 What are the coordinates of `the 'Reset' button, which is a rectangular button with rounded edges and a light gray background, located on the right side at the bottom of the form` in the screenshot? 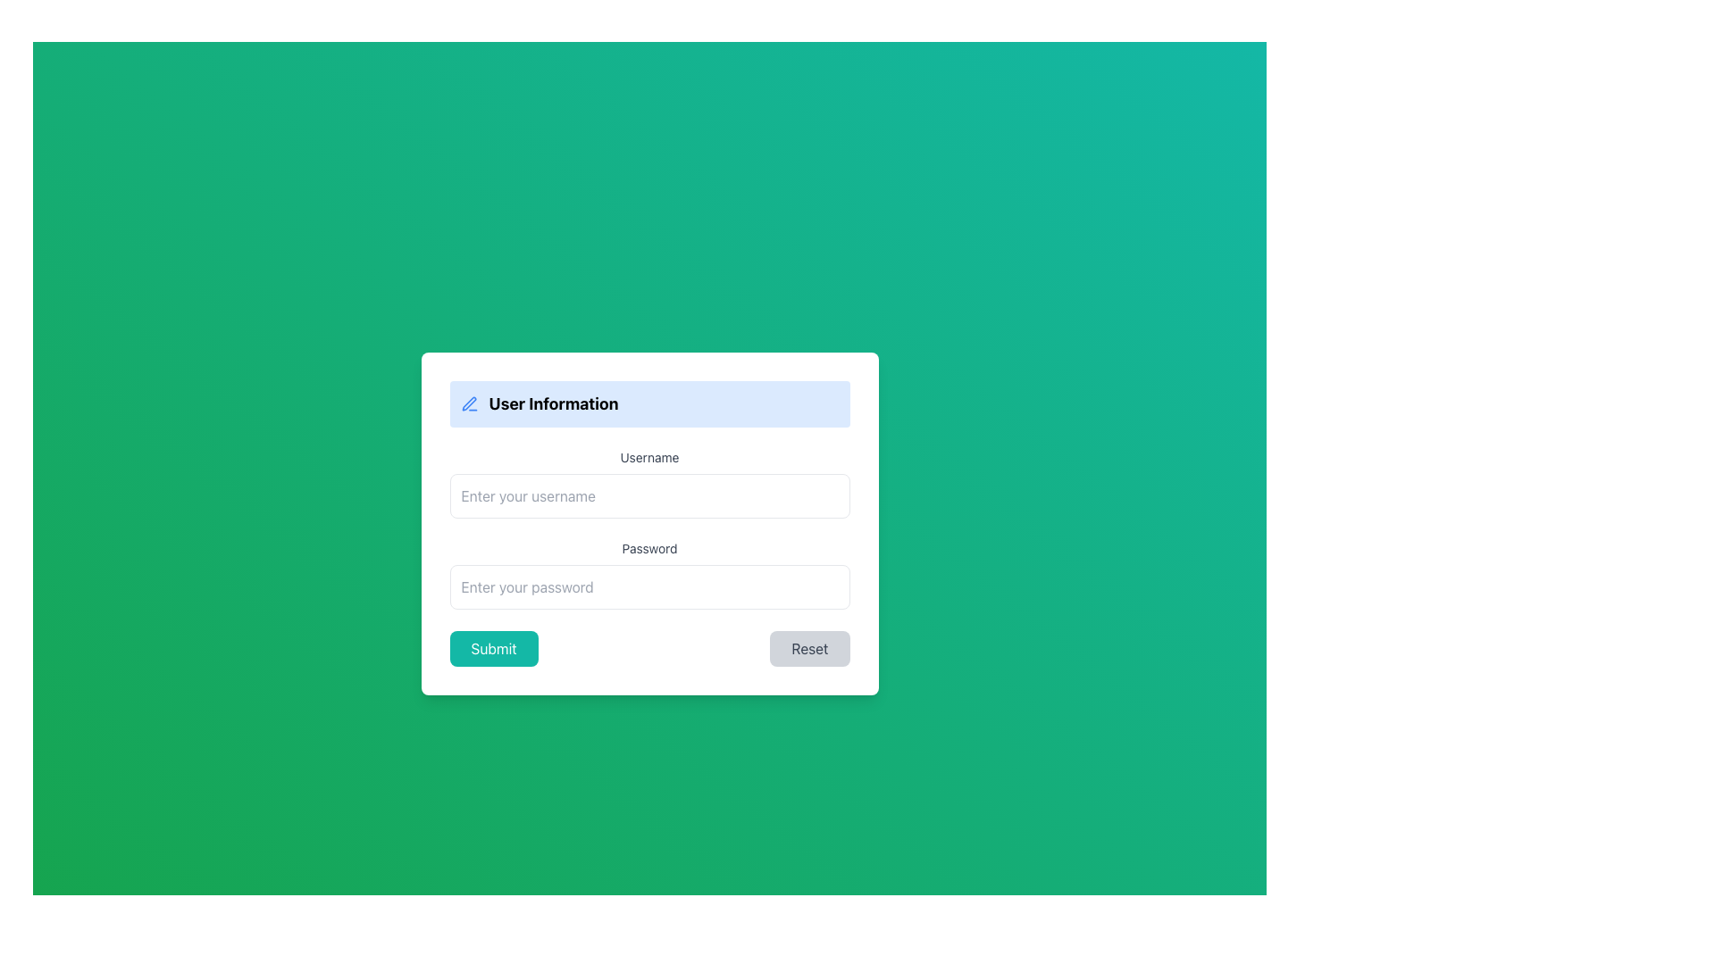 It's located at (809, 648).